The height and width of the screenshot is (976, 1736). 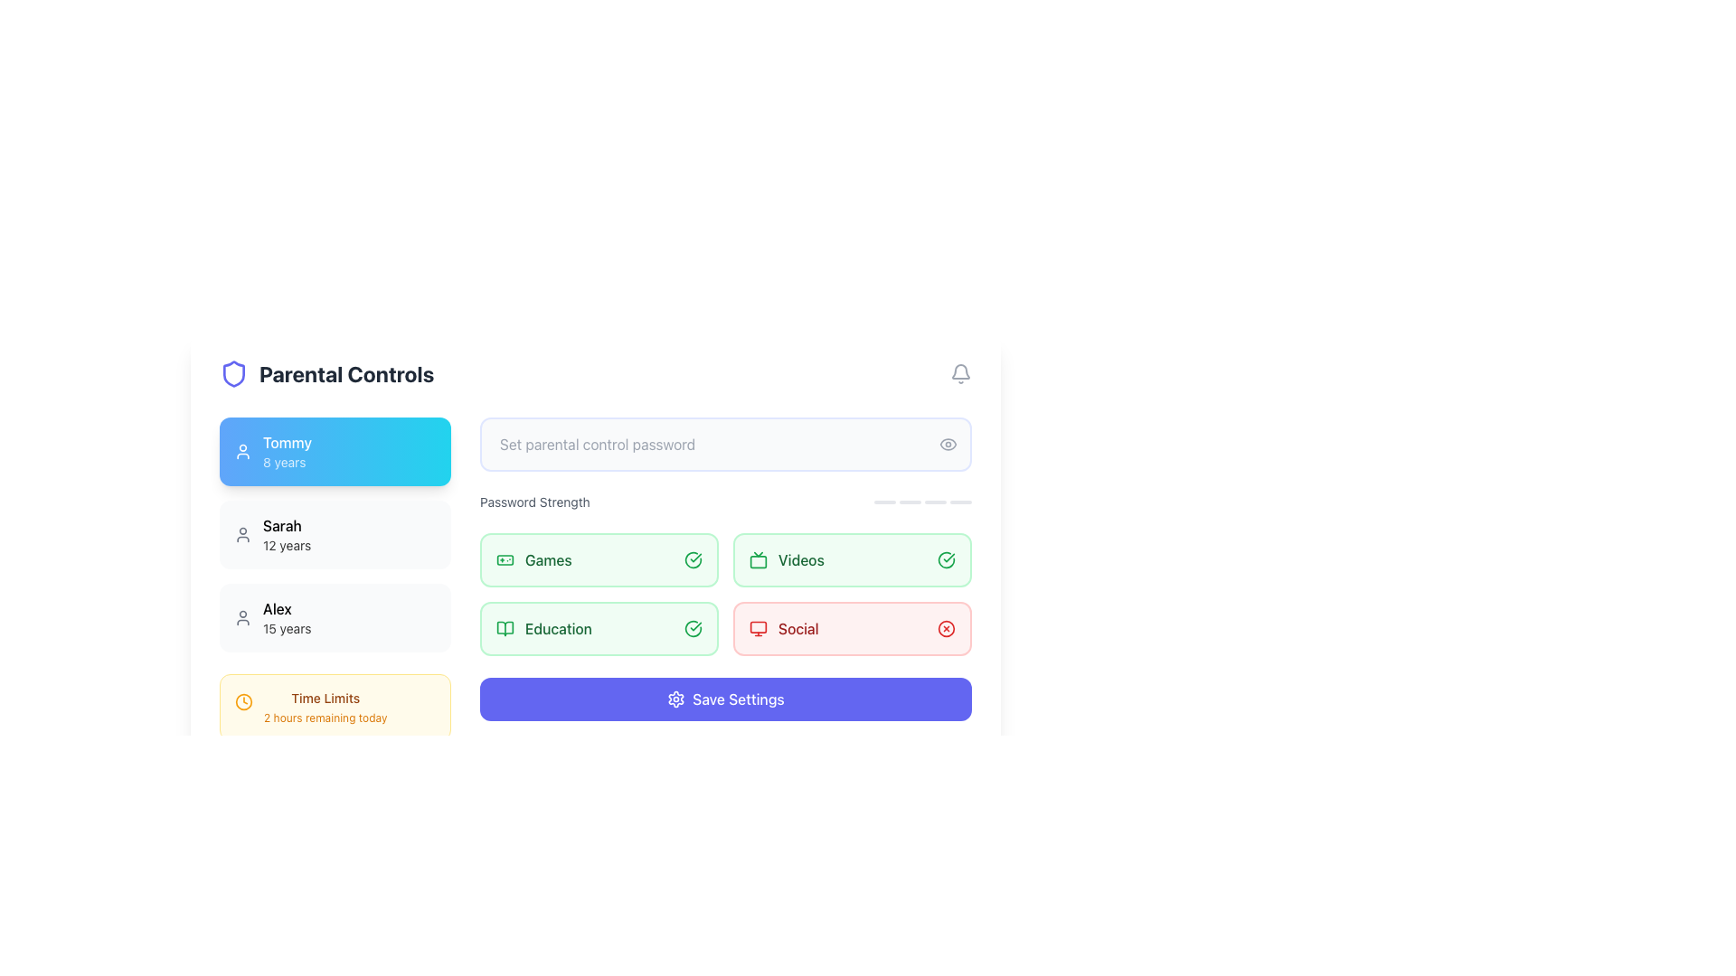 What do you see at coordinates (945, 559) in the screenshot?
I see `the positive state icon located in the 'Videos' section to interact or view details` at bounding box center [945, 559].